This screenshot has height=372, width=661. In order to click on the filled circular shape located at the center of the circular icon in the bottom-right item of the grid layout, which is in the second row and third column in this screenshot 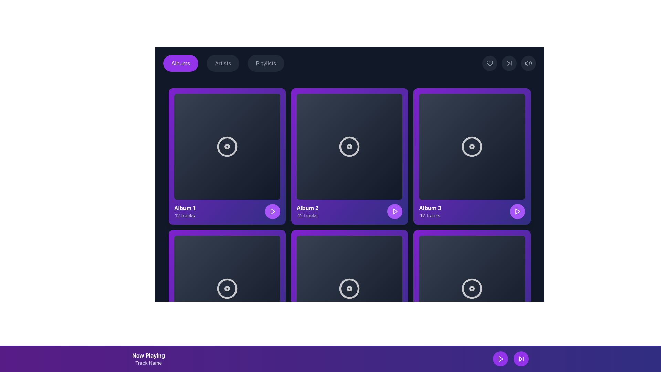, I will do `click(472, 288)`.